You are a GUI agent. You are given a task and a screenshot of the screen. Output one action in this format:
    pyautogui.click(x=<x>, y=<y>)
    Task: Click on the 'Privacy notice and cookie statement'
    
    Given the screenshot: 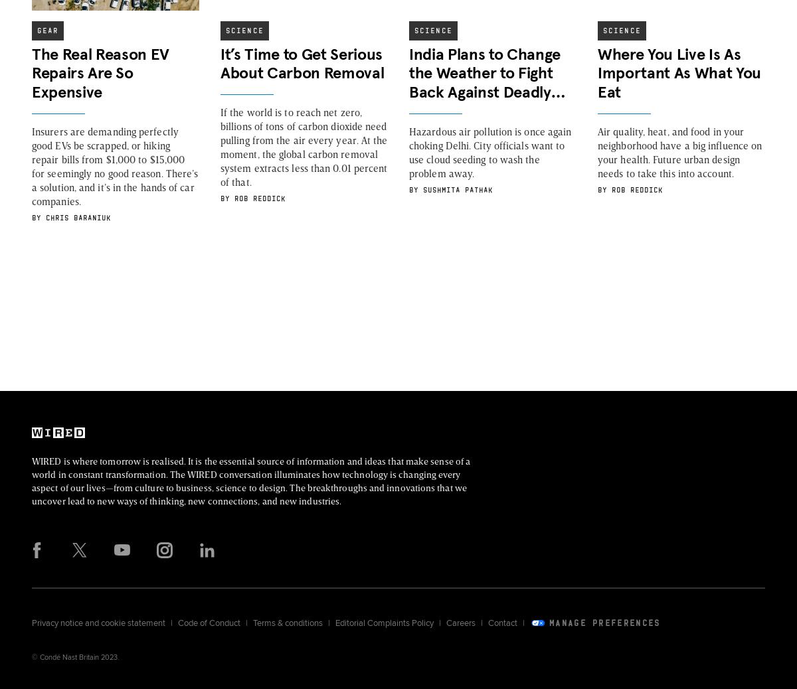 What is the action you would take?
    pyautogui.click(x=98, y=623)
    